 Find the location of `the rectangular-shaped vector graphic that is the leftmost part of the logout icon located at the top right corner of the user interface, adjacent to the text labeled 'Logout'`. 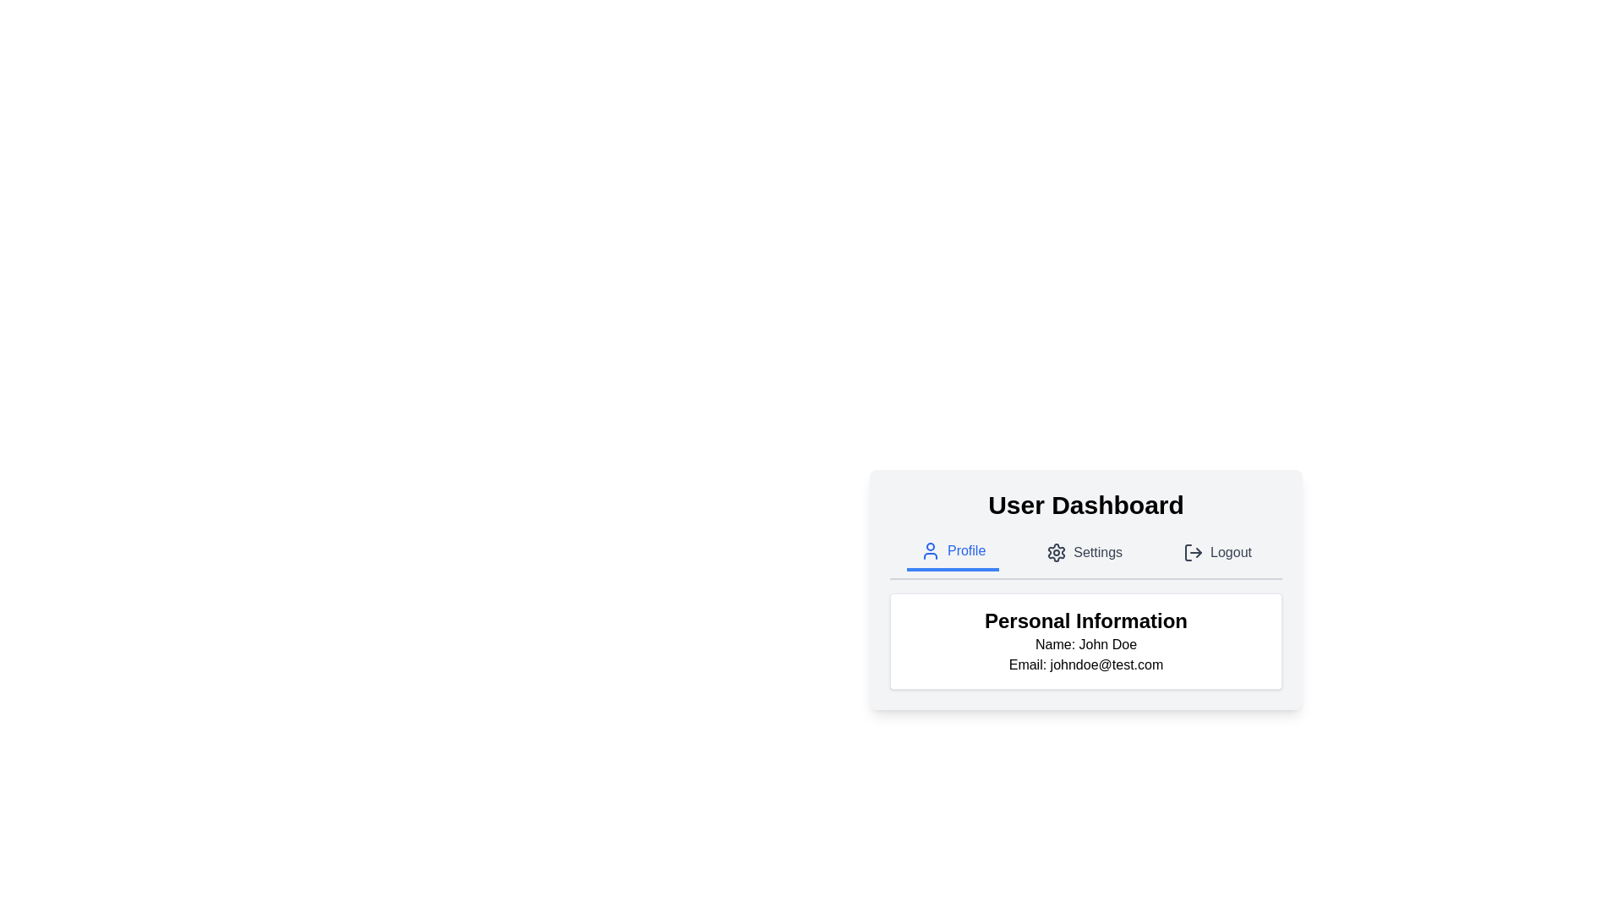

the rectangular-shaped vector graphic that is the leftmost part of the logout icon located at the top right corner of the user interface, adjacent to the text labeled 'Logout' is located at coordinates (1188, 553).